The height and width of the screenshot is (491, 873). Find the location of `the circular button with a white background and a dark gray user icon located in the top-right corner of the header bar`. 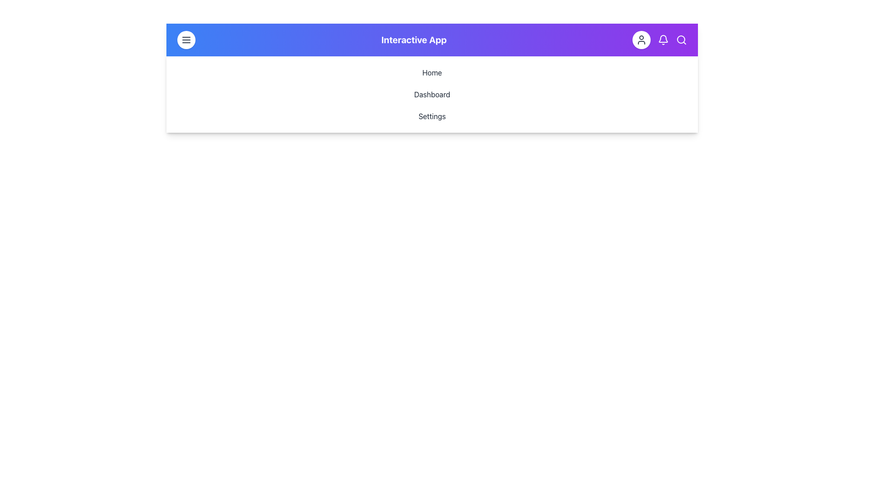

the circular button with a white background and a dark gray user icon located in the top-right corner of the header bar is located at coordinates (641, 40).